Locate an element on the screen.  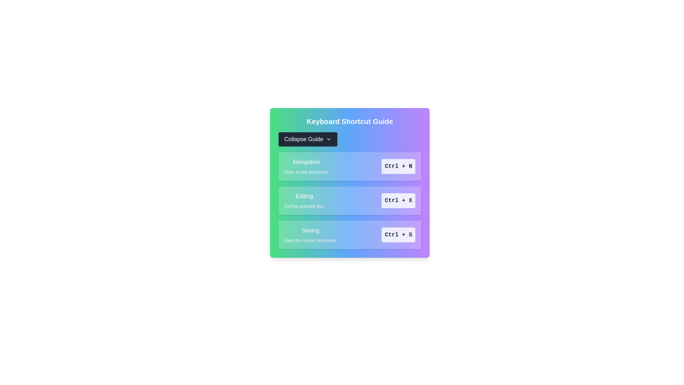
the second item in a vertical list of shortcut descriptions with a vibrant gradient background is located at coordinates (350, 183).